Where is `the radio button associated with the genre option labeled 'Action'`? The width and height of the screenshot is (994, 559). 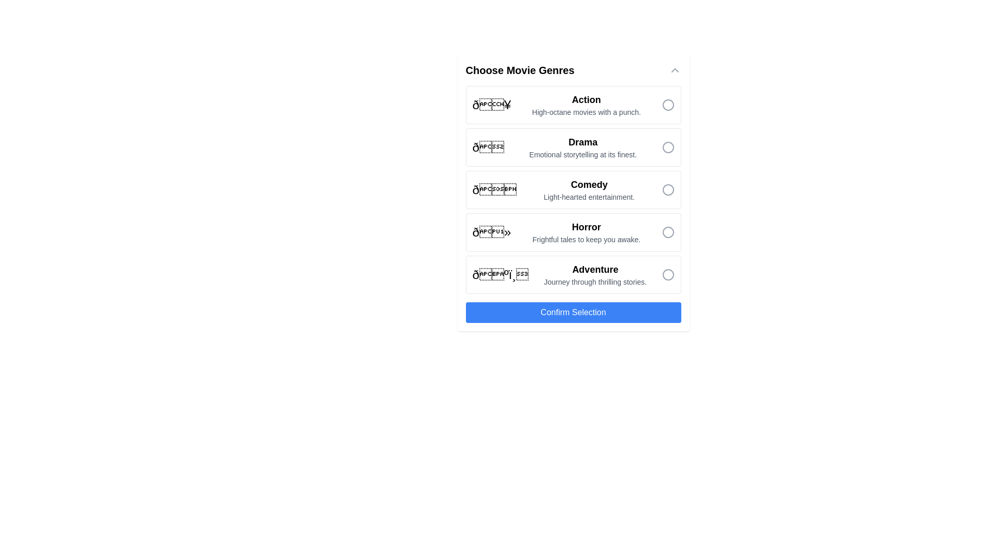 the radio button associated with the genre option labeled 'Action' is located at coordinates (668, 105).